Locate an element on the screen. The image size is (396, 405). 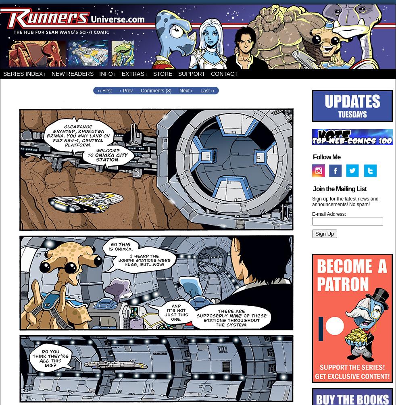
'Follow Me' is located at coordinates (326, 157).